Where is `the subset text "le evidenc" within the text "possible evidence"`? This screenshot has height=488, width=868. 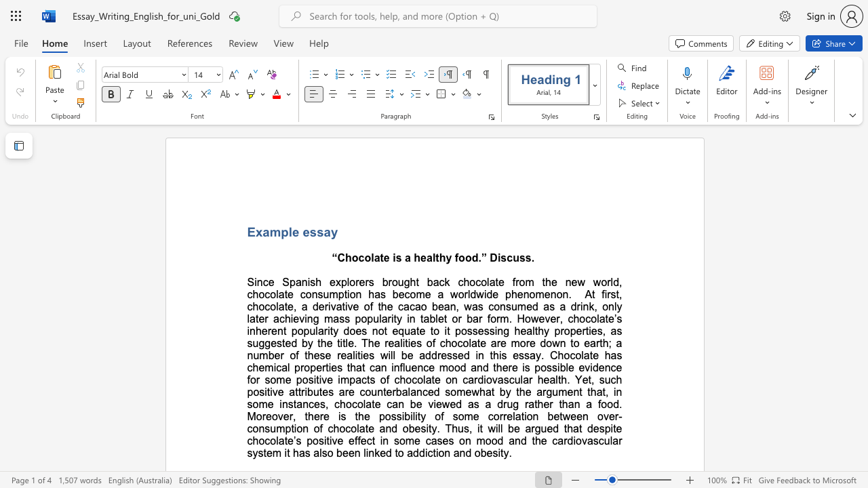
the subset text "le evidenc" within the text "possible evidence" is located at coordinates (566, 367).